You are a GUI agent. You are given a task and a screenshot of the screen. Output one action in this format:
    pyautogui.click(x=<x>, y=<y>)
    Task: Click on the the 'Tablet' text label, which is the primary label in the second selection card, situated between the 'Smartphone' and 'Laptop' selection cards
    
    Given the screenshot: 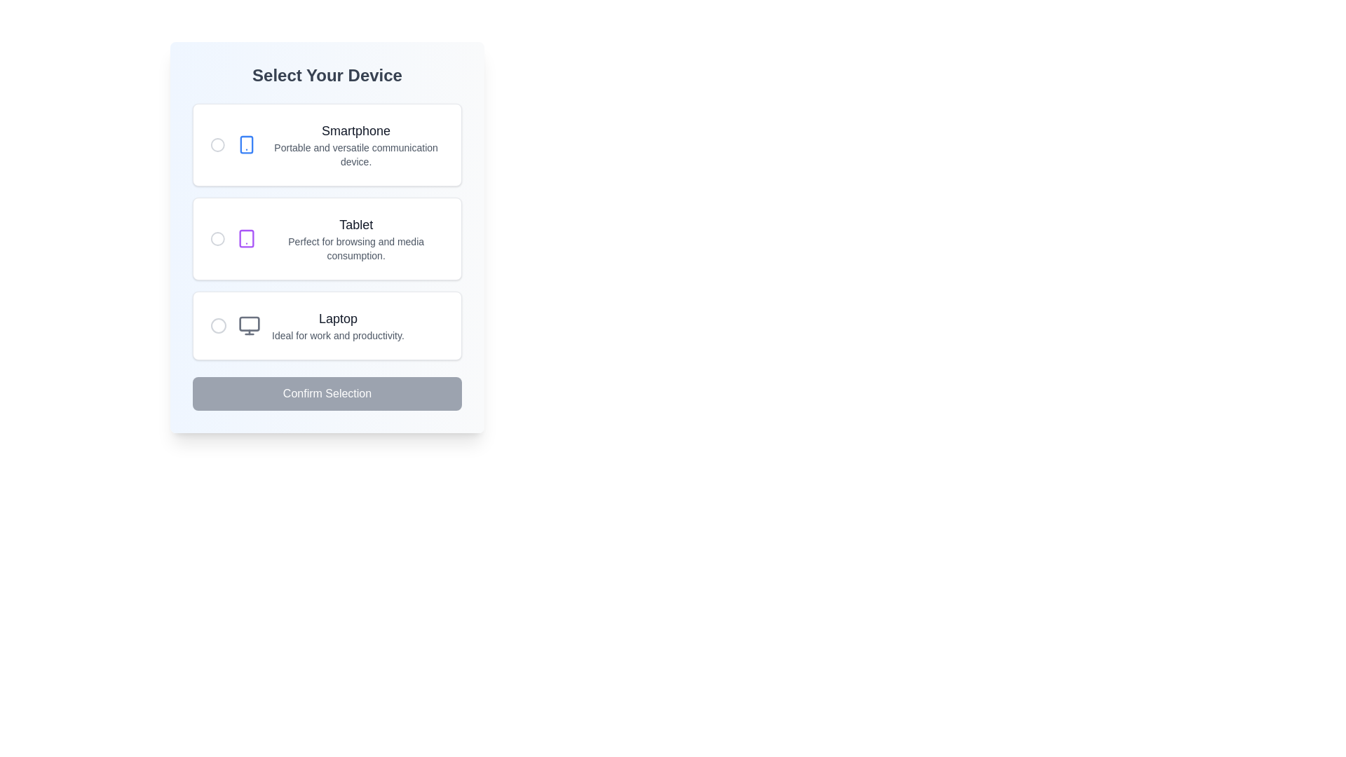 What is the action you would take?
    pyautogui.click(x=356, y=224)
    